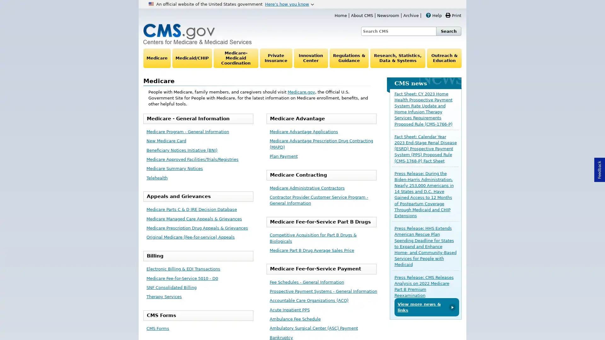 Image resolution: width=605 pixels, height=340 pixels. I want to click on Heres how you know, so click(289, 4).